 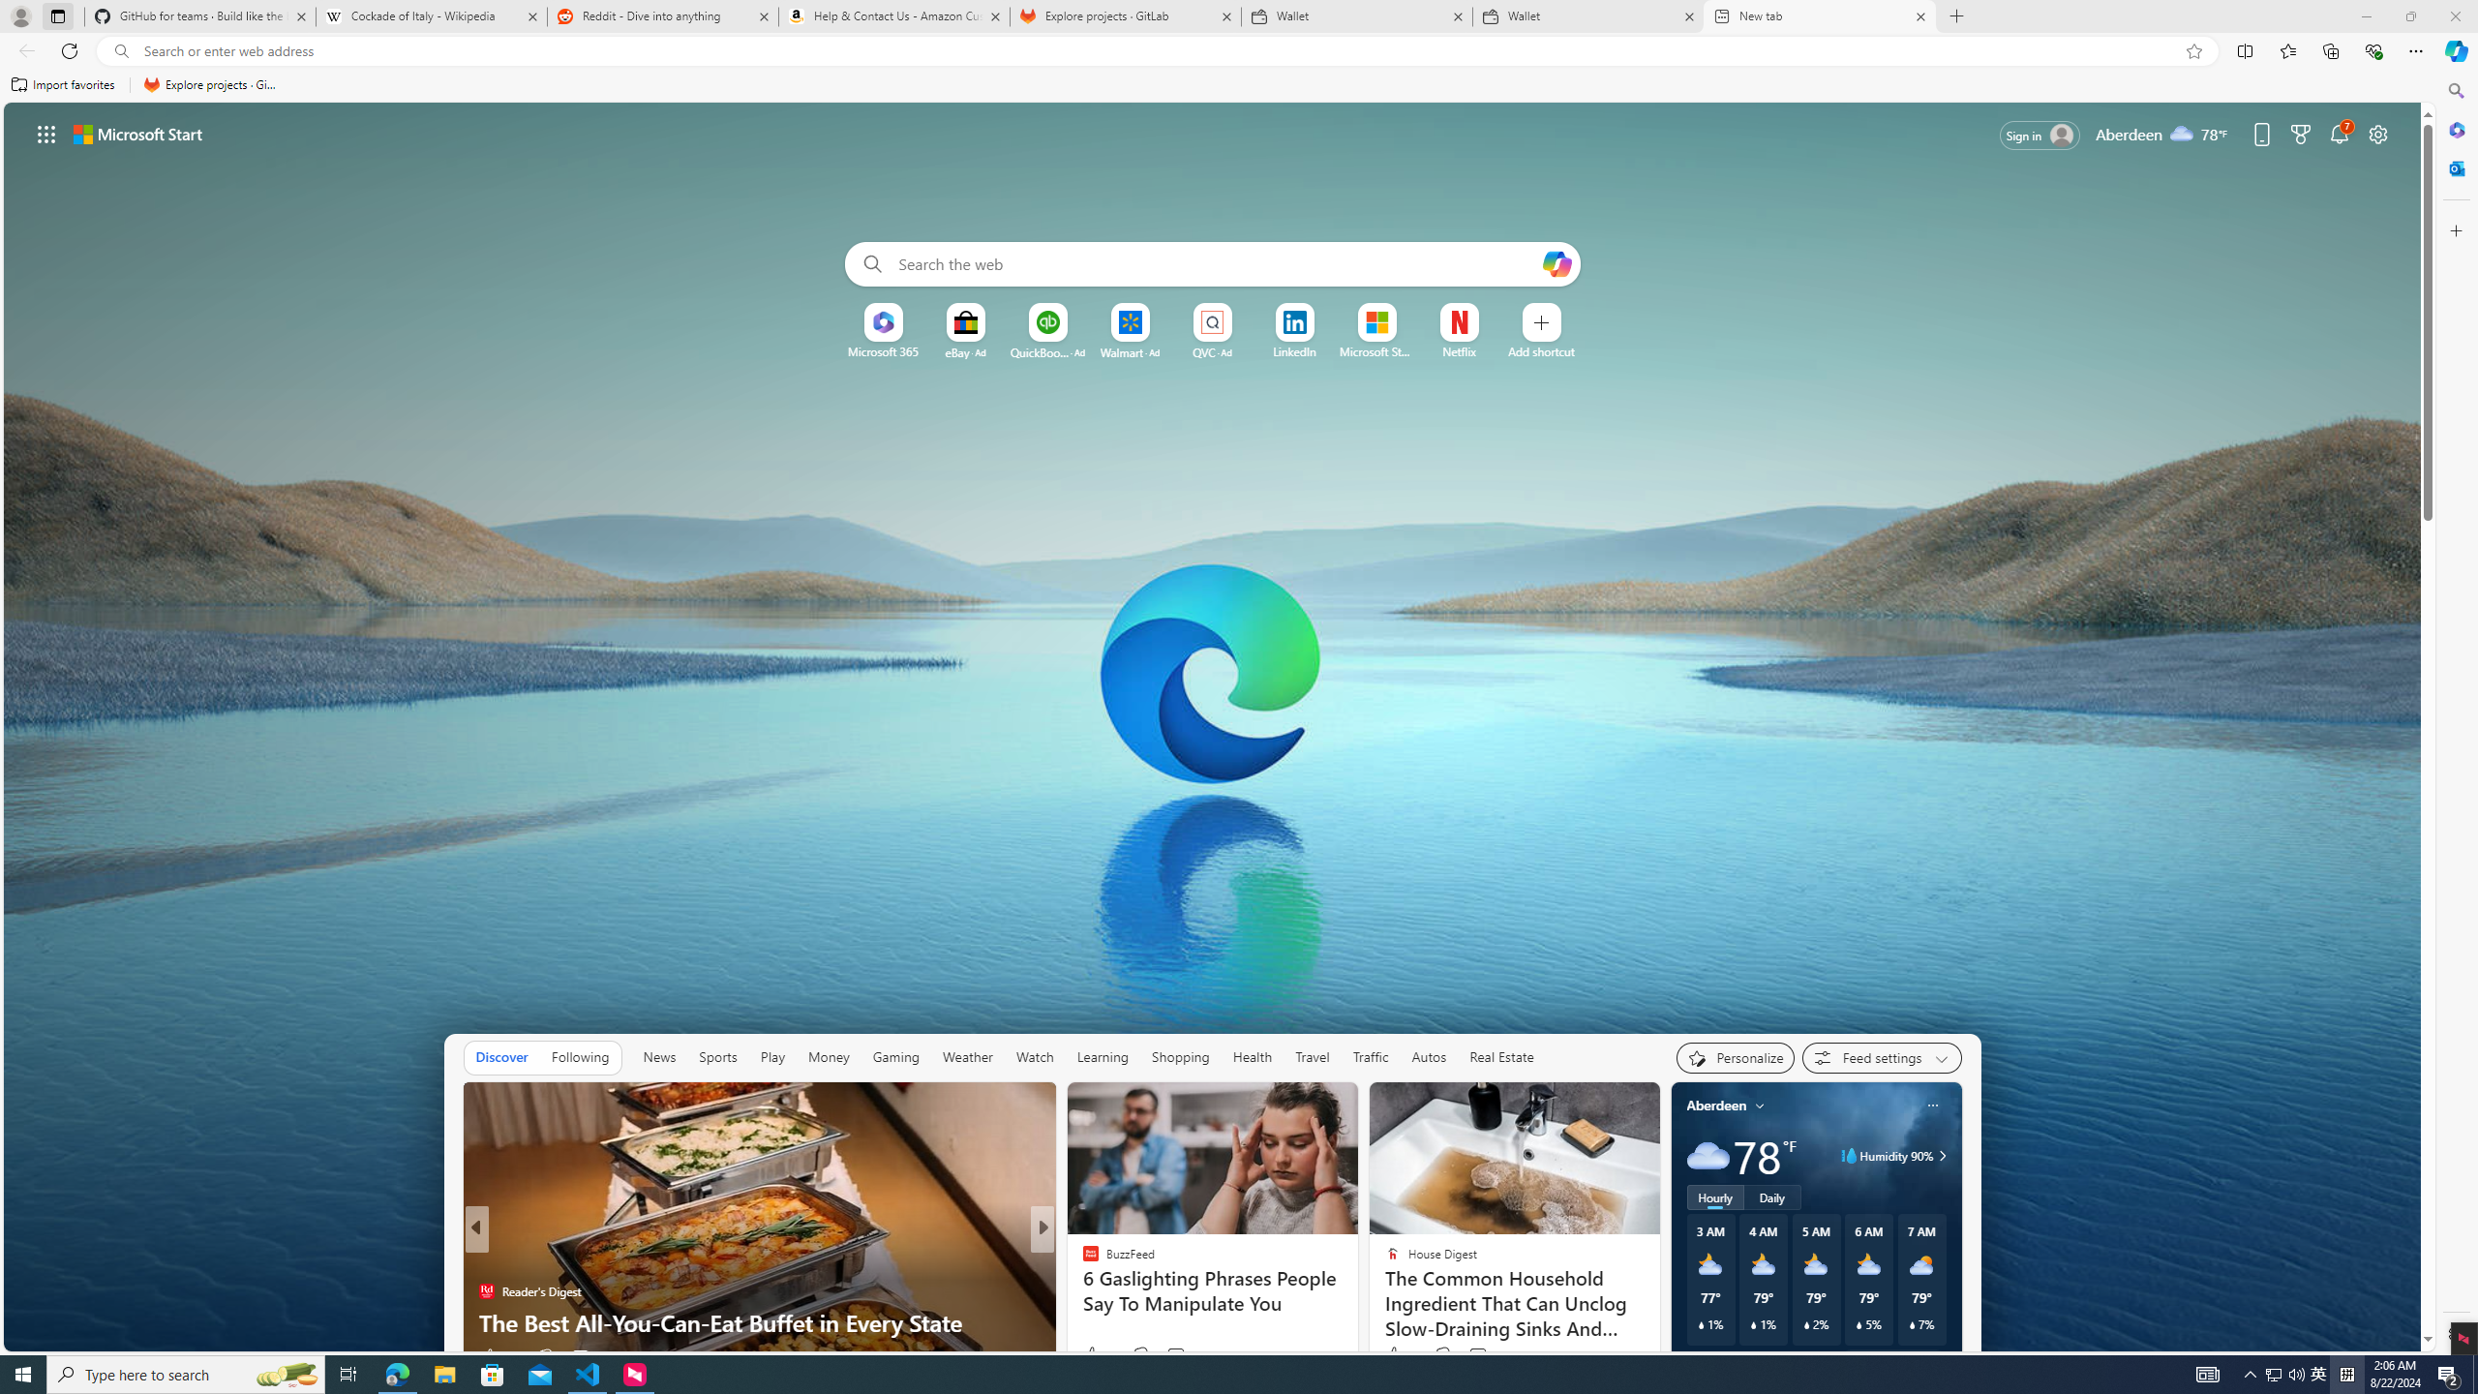 What do you see at coordinates (1103, 1056) in the screenshot?
I see `'Learning'` at bounding box center [1103, 1056].